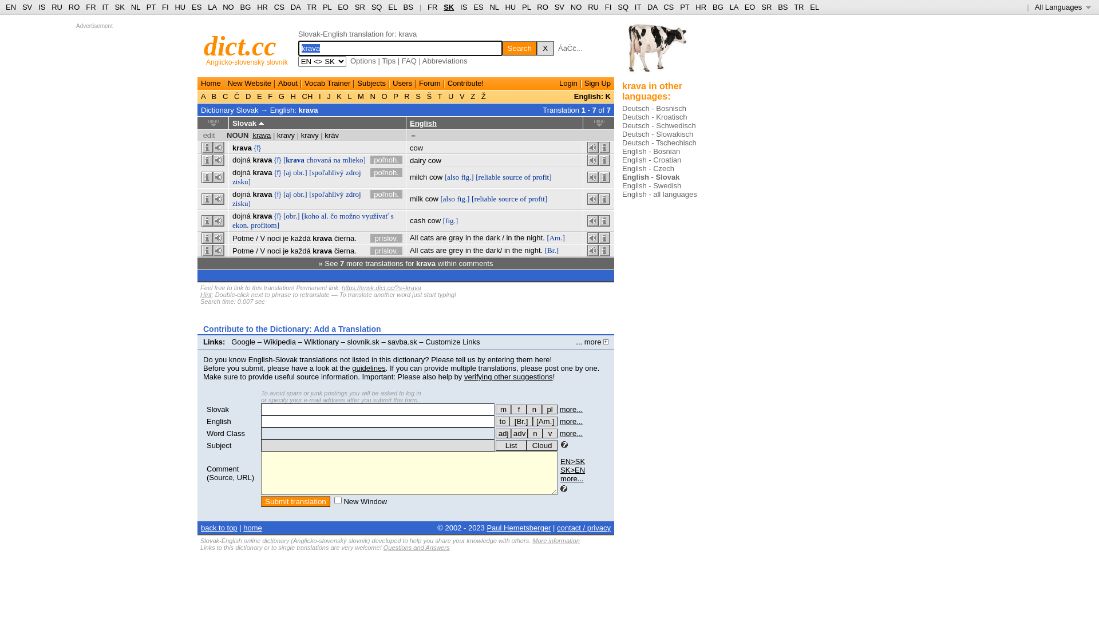 This screenshot has height=618, width=1099. What do you see at coordinates (488, 177) in the screenshot?
I see `'[reliable'` at bounding box center [488, 177].